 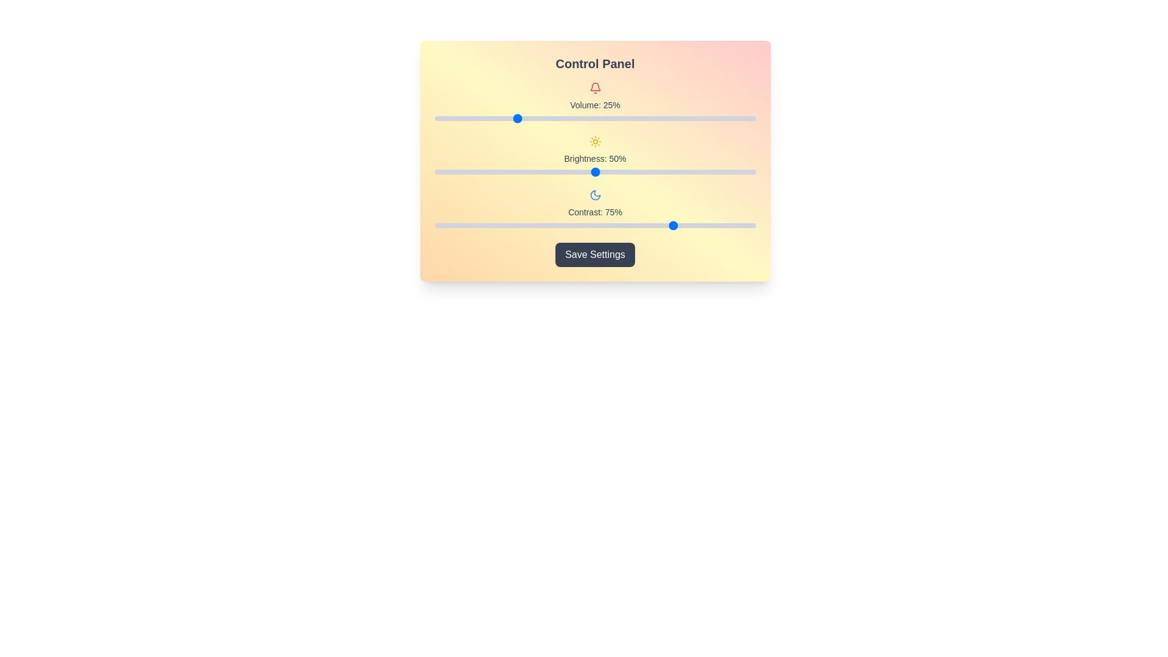 What do you see at coordinates (595, 105) in the screenshot?
I see `the text label that displays the current volume percentage, located below the bell icon in the control panel layout` at bounding box center [595, 105].